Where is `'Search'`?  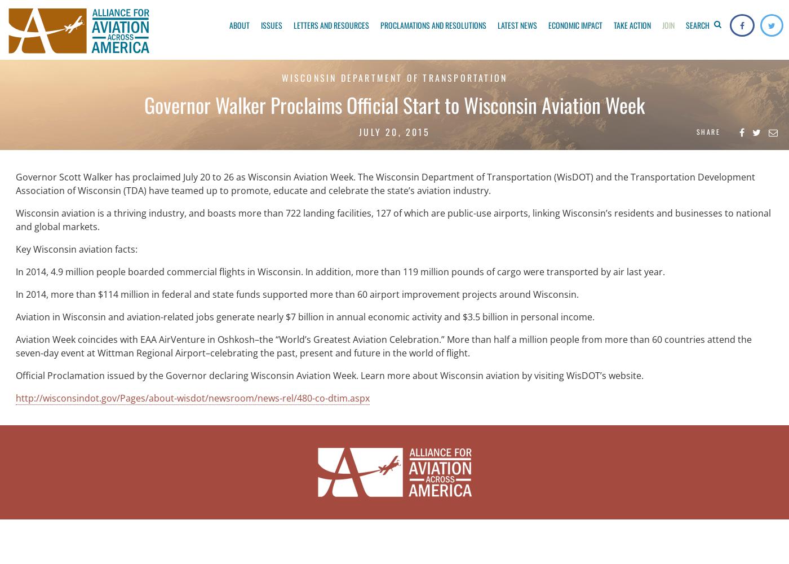
'Search' is located at coordinates (698, 25).